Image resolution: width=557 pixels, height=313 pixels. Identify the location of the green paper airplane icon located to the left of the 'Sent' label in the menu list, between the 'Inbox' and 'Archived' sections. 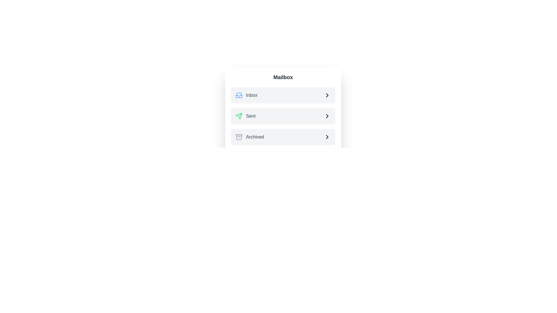
(239, 116).